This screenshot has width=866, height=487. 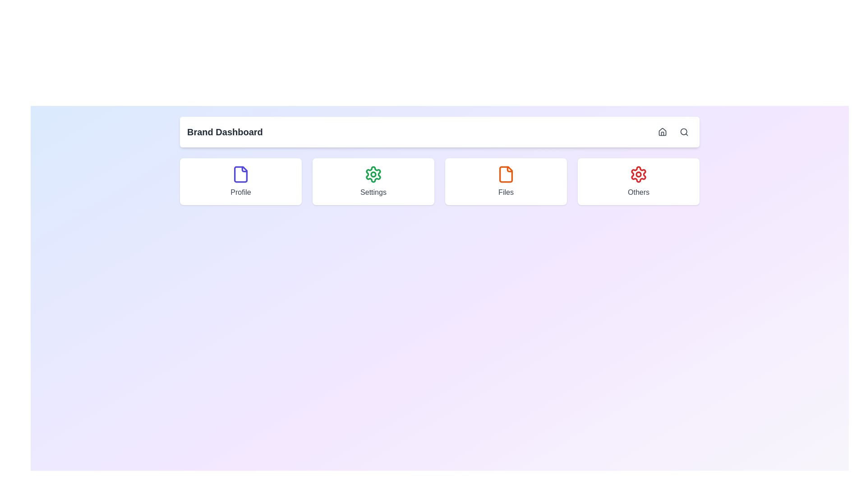 I want to click on the text label displaying 'Settings', which is styled in gray and positioned at the bottom center of a white, rounded rectangular card, located beneath a green gear icon, so click(x=373, y=192).